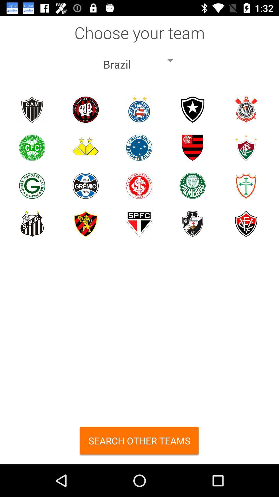  Describe the element at coordinates (246, 186) in the screenshot. I see `team icon` at that location.